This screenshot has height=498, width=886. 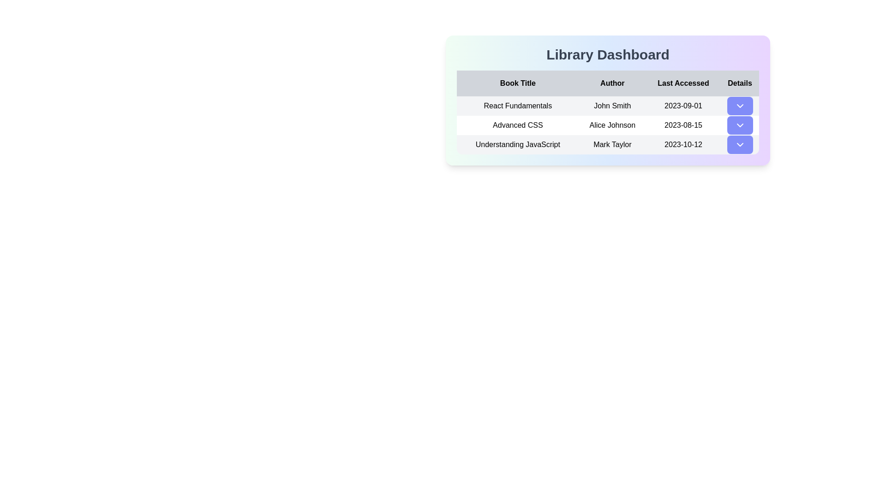 I want to click on the text label element displaying 'Author' in bold black font, which is the second column header in a table interface, so click(x=612, y=83).